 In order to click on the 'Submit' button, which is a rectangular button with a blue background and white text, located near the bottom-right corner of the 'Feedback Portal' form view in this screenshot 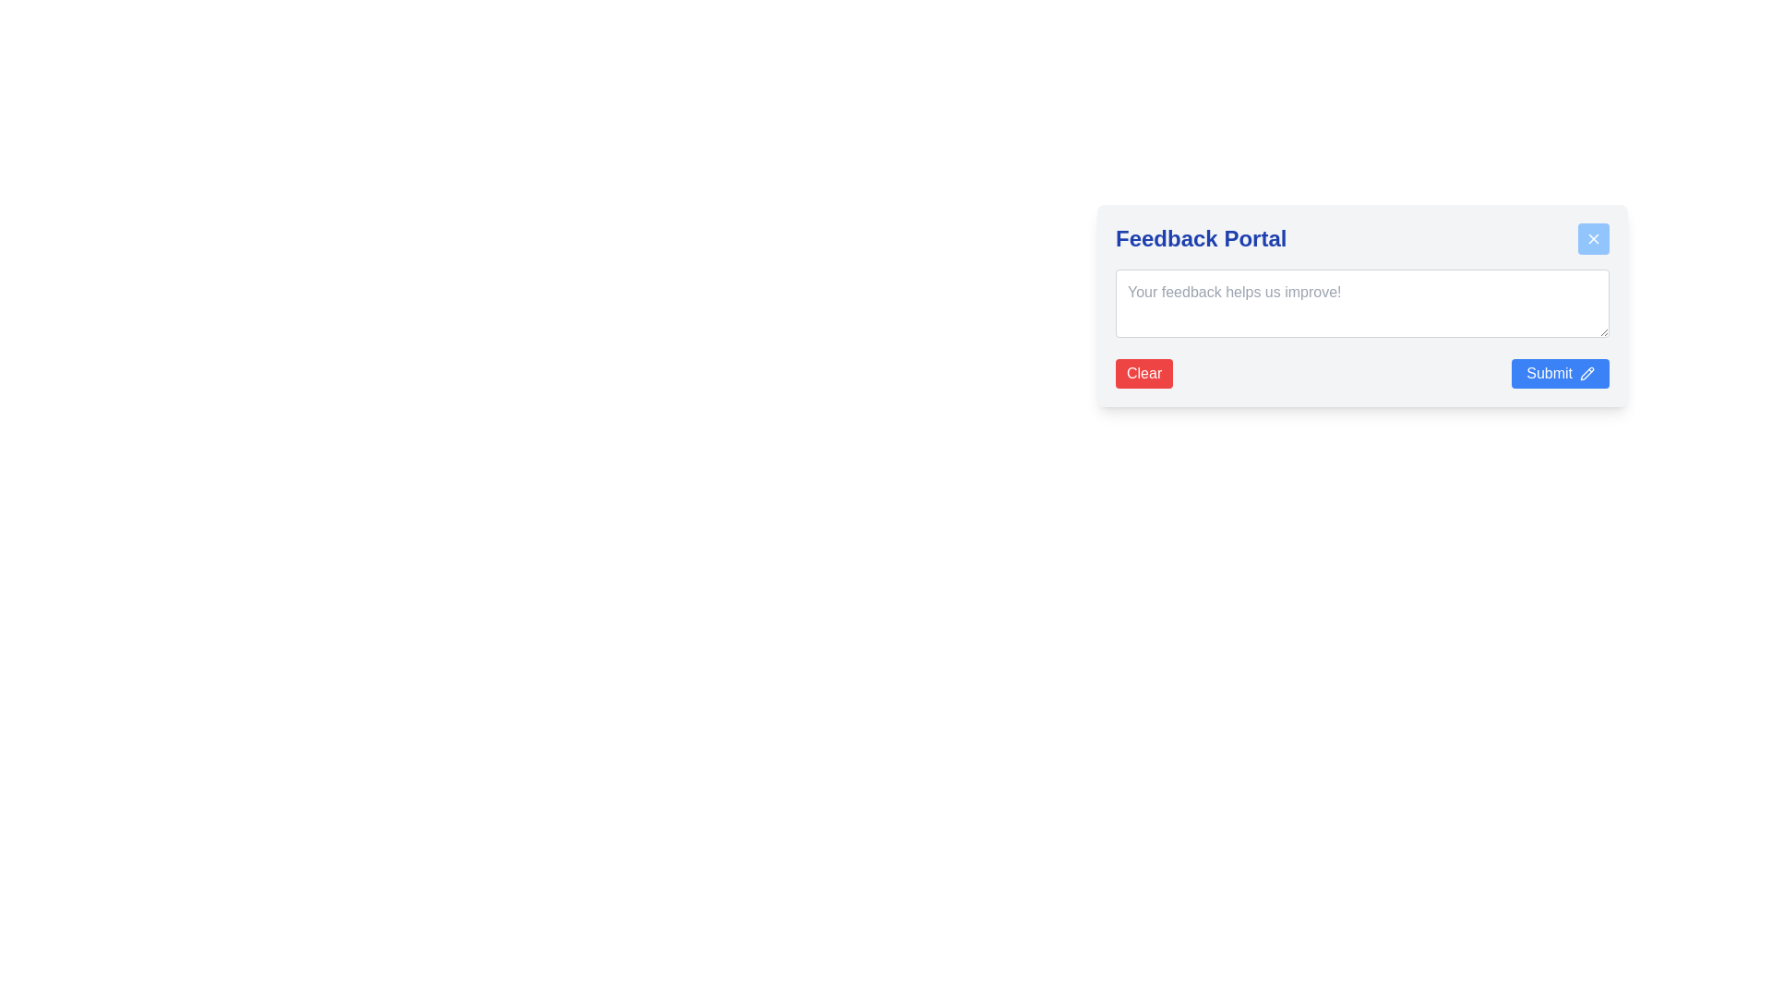, I will do `click(1560, 374)`.